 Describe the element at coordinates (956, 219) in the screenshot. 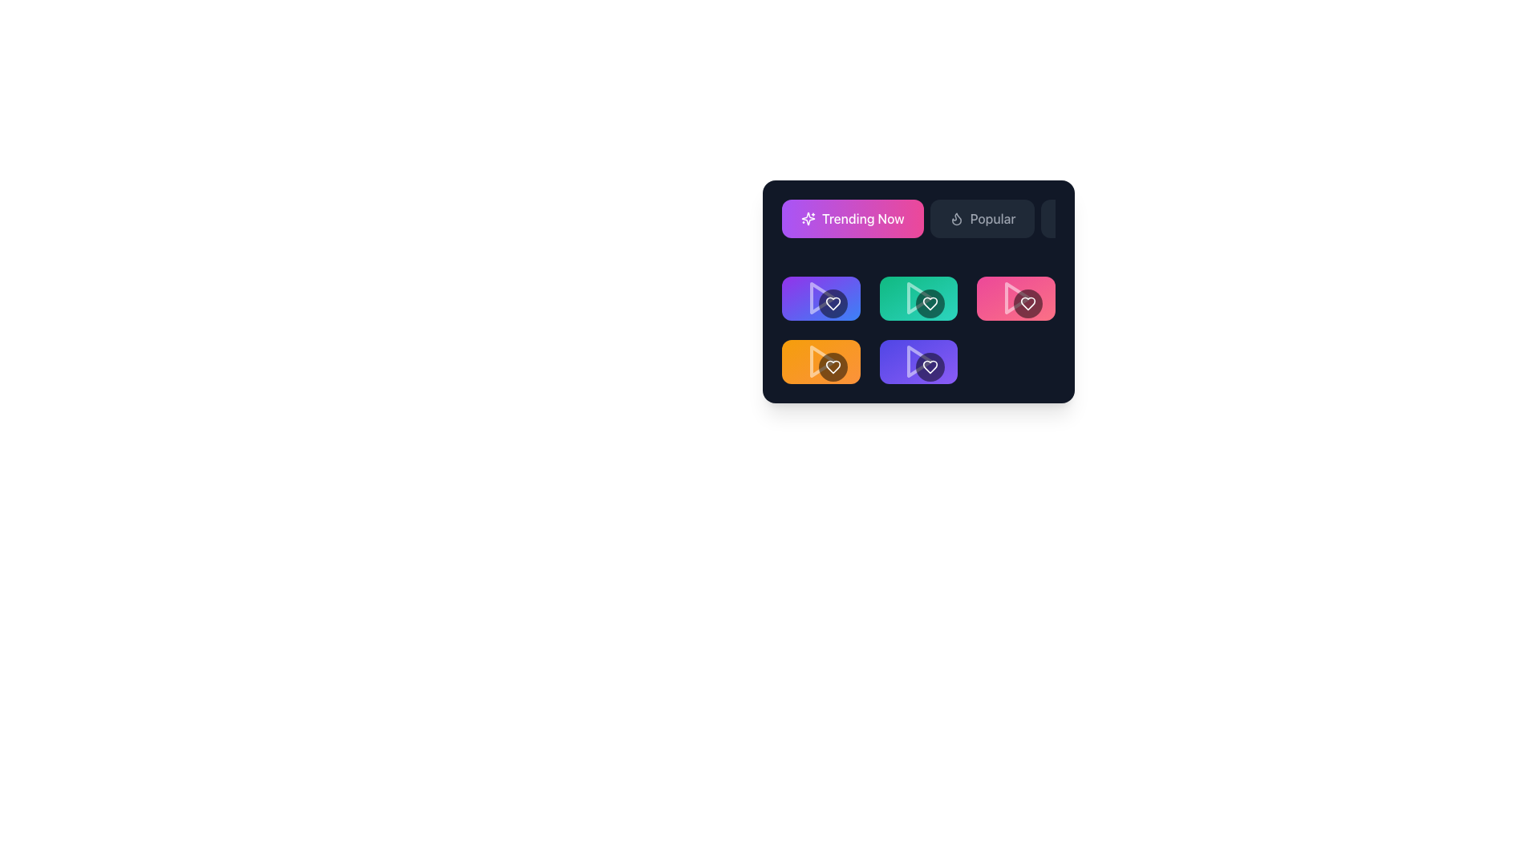

I see `the 'Popular' button which features a flame icon, located at the top section of the card` at that location.